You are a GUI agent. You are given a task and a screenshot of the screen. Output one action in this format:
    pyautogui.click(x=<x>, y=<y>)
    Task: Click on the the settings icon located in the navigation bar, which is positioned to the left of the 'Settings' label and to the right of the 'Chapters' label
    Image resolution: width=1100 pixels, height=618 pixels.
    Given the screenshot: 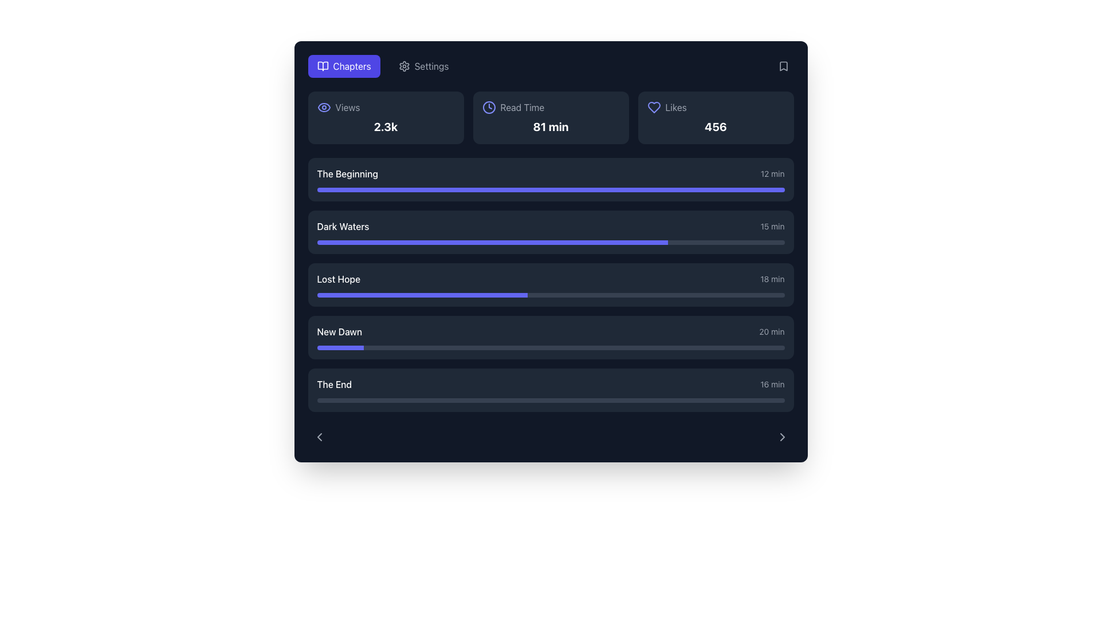 What is the action you would take?
    pyautogui.click(x=404, y=66)
    